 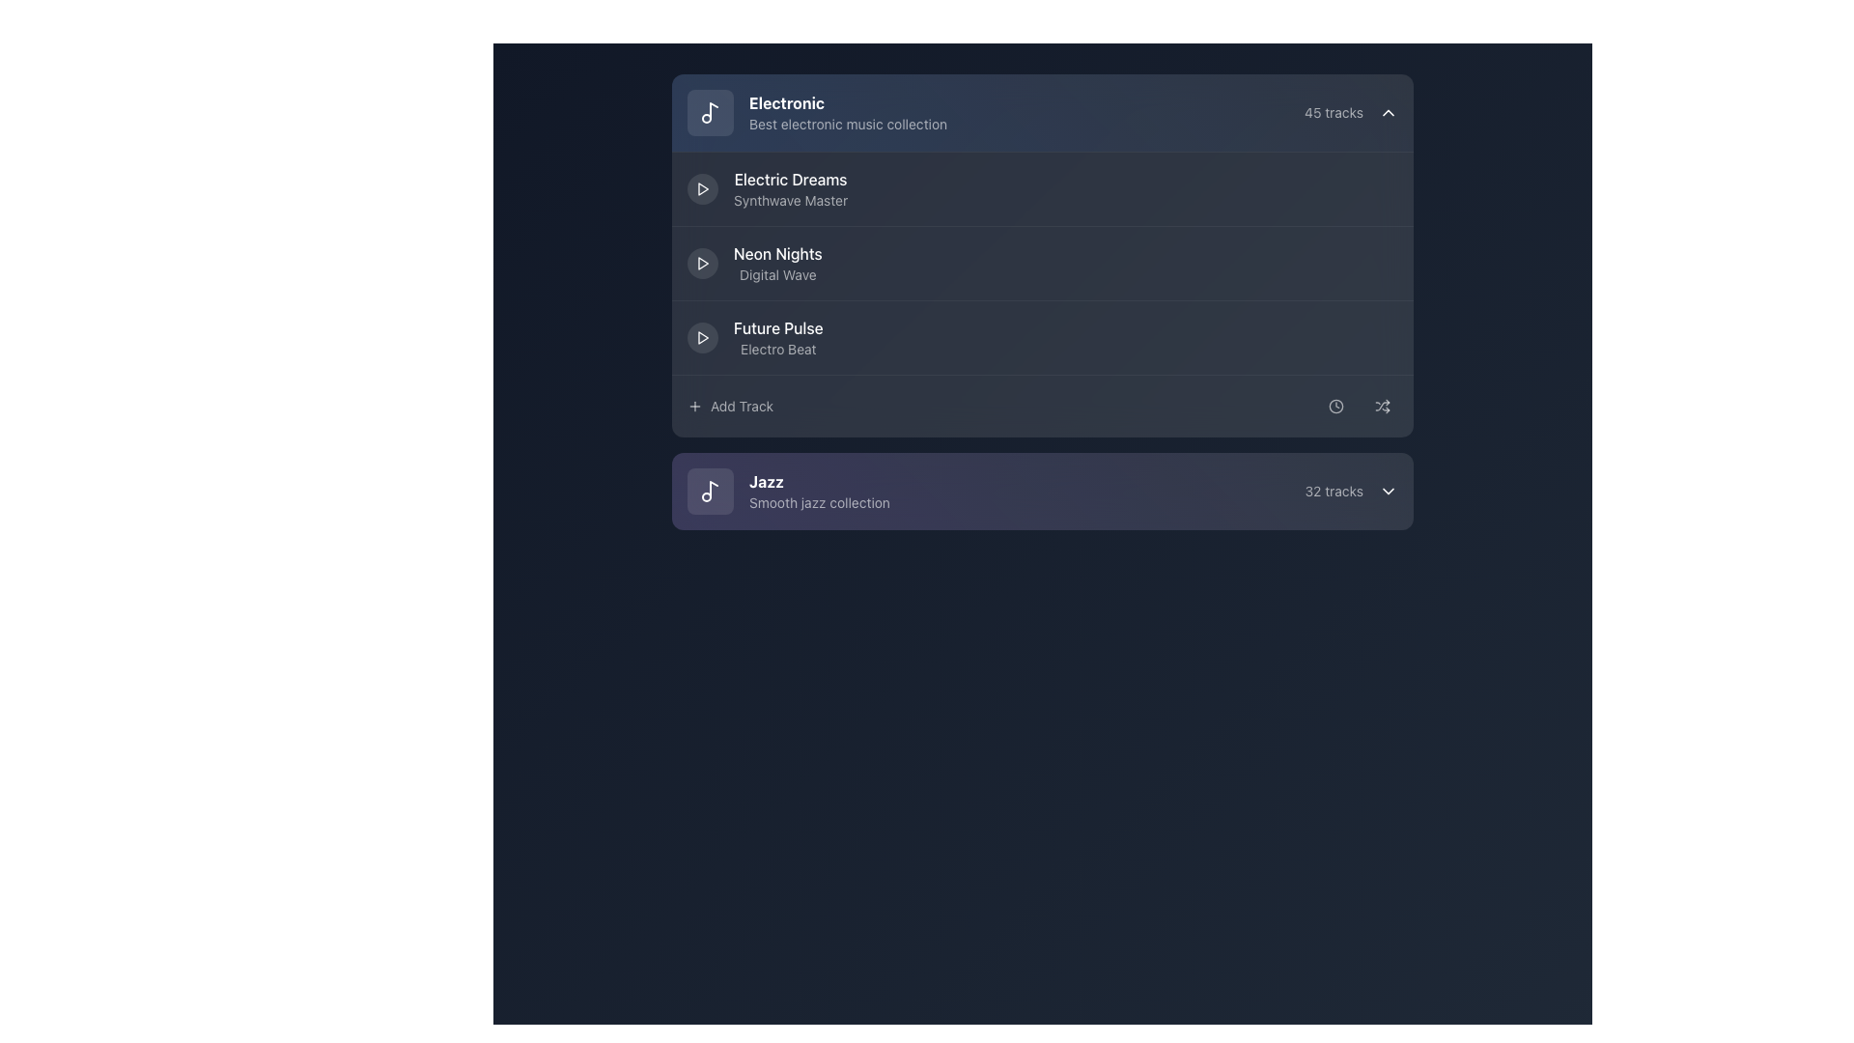 What do you see at coordinates (1381, 405) in the screenshot?
I see `the shuffle button in the 'Electronic' music collection section, which is the second button from the right in its group` at bounding box center [1381, 405].